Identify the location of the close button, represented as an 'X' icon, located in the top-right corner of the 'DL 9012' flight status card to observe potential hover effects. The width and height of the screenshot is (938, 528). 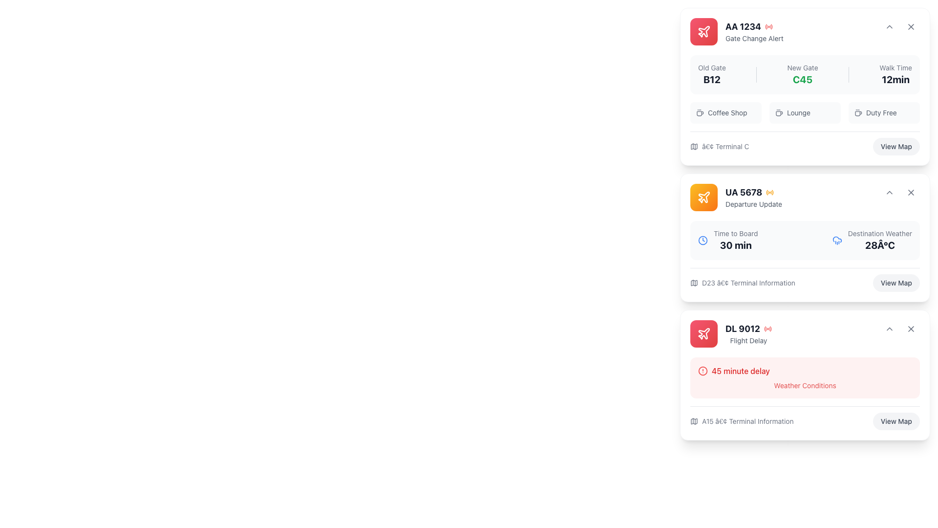
(911, 329).